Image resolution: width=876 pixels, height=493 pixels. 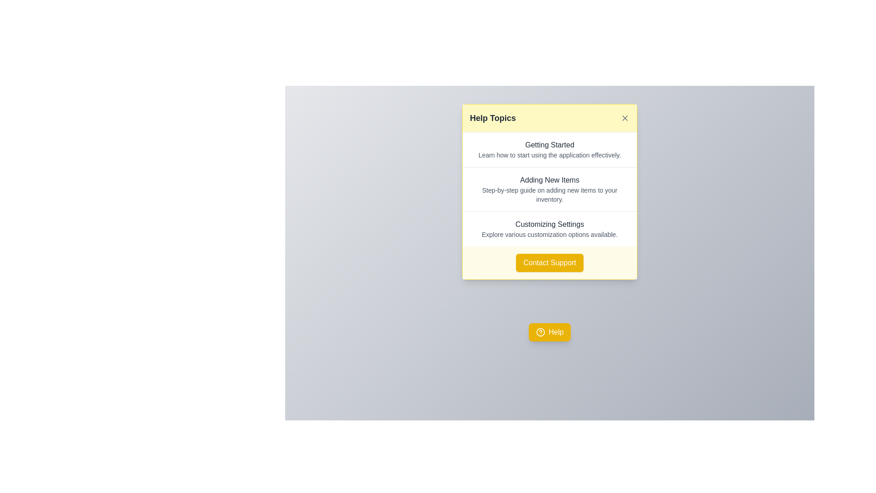 What do you see at coordinates (624, 117) in the screenshot?
I see `the 'X' button located at the top-right corner of the yellow header bar labeled 'Help Topics'` at bounding box center [624, 117].